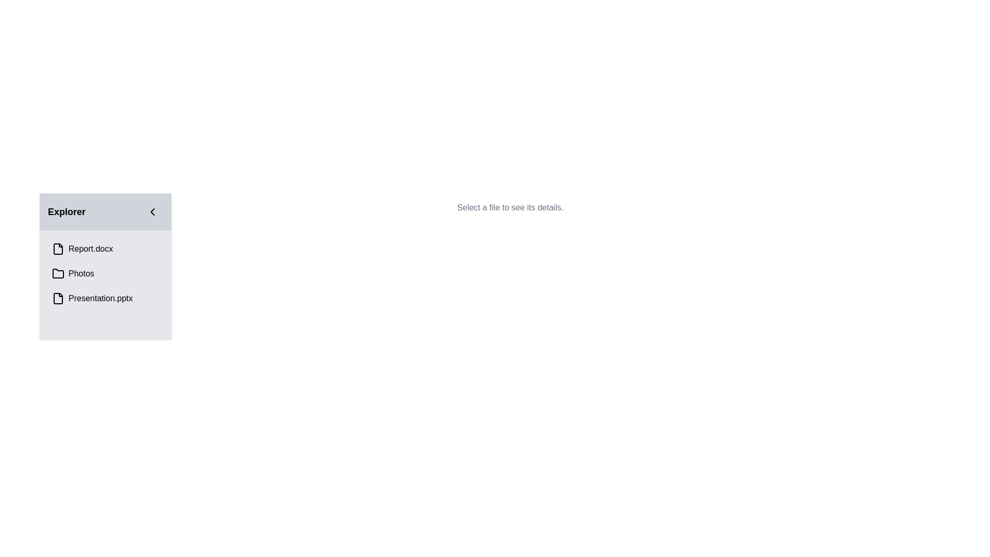  What do you see at coordinates (91, 249) in the screenshot?
I see `the selectable file item labeled 'Report.docx' in the left-hand sidebar under the 'Explorer' heading` at bounding box center [91, 249].